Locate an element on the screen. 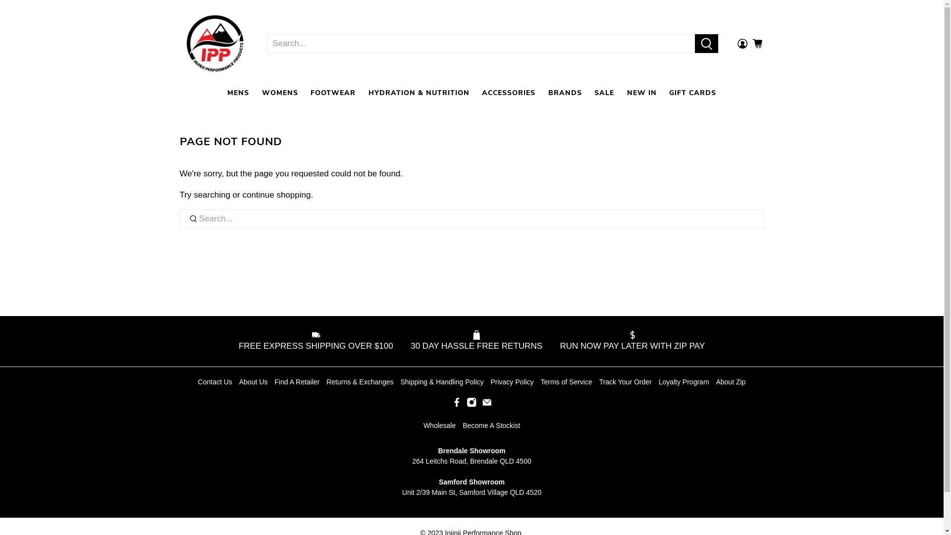  'Injinji Performance Shop on Facebook' is located at coordinates (451, 405).